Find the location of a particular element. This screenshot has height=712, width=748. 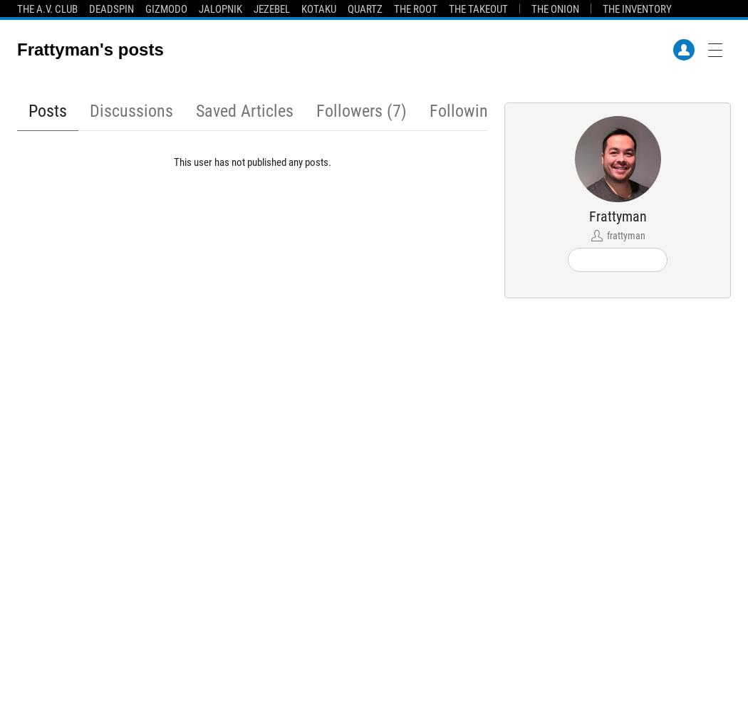

'Following (5)' is located at coordinates (474, 111).